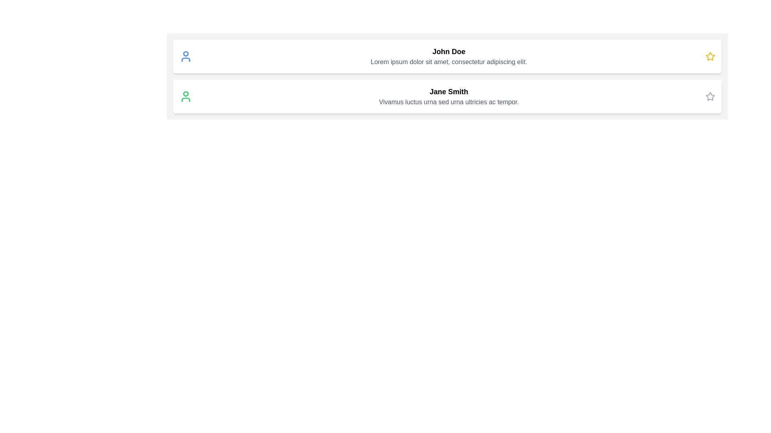 The width and height of the screenshot is (771, 433). I want to click on the bold text label 'Jane Smith' which is centrally aligned at the top of the section, indicating its importance as a title, so click(449, 91).